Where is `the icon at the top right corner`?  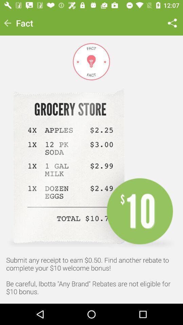 the icon at the top right corner is located at coordinates (172, 23).